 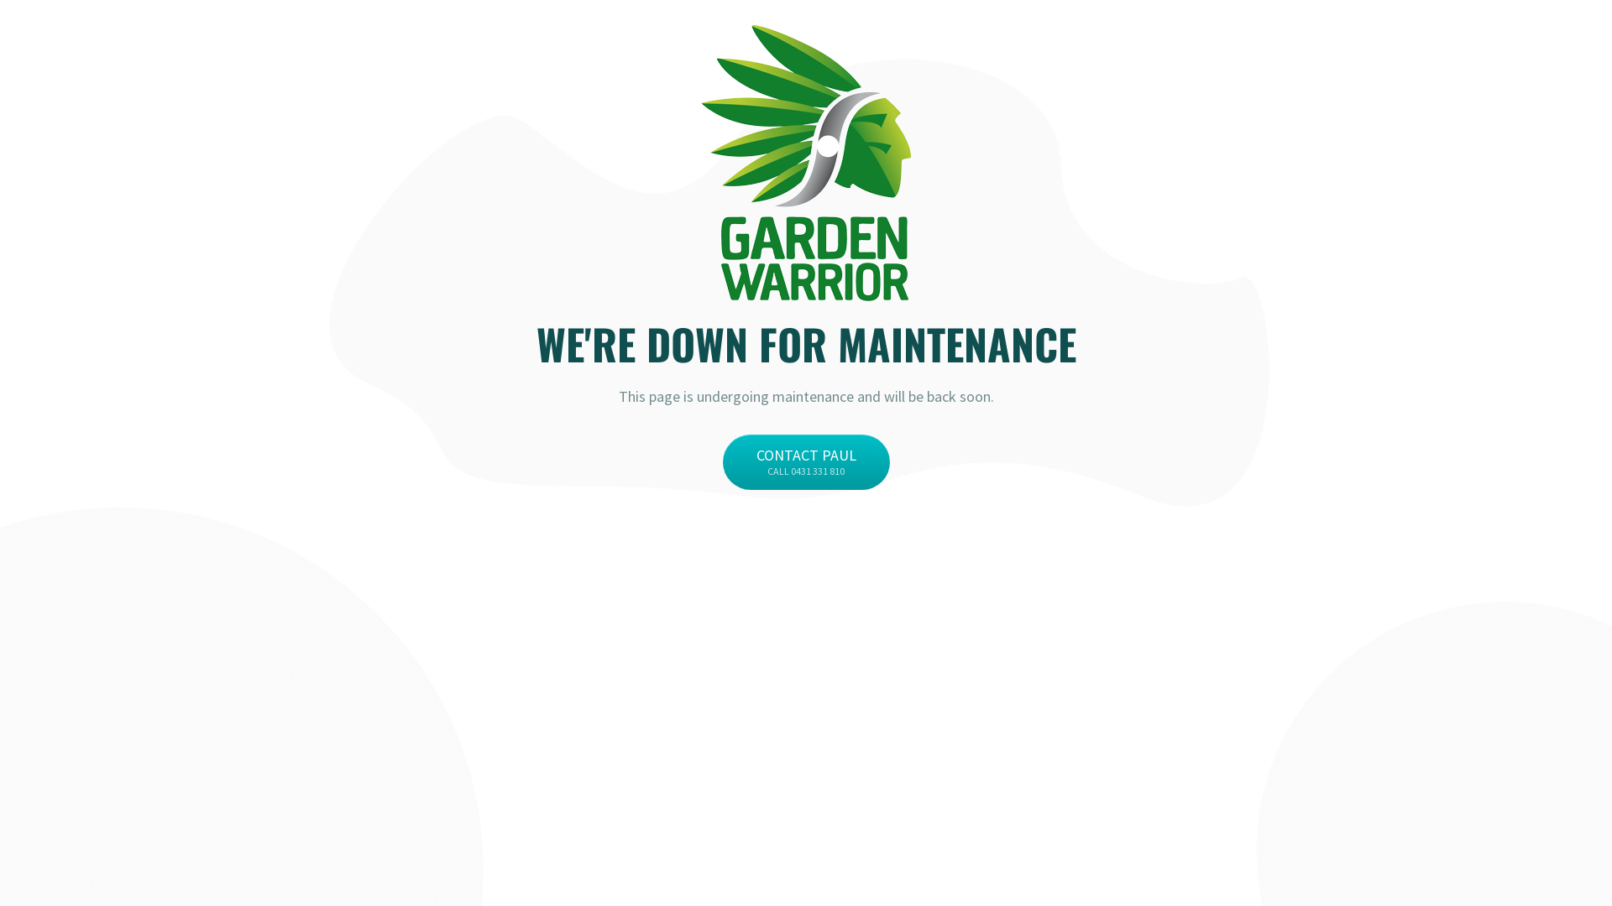 What do you see at coordinates (804, 462) in the screenshot?
I see `'CONTACT PAUL` at bounding box center [804, 462].